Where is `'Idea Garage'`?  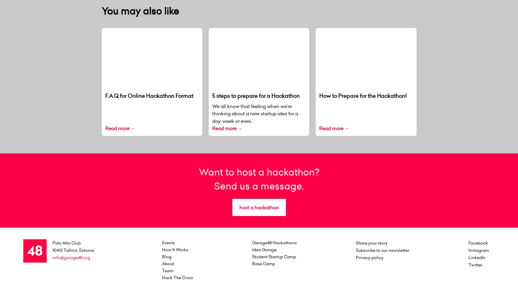
'Idea Garage' is located at coordinates (264, 249).